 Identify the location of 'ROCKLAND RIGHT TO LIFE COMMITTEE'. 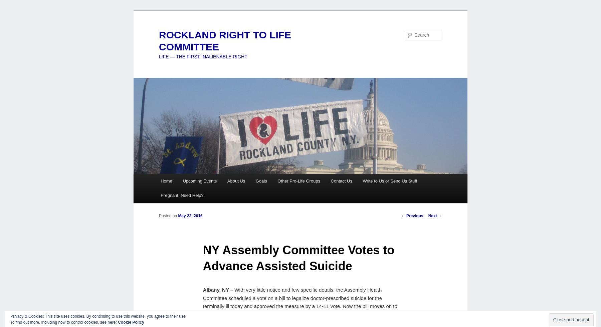
(225, 40).